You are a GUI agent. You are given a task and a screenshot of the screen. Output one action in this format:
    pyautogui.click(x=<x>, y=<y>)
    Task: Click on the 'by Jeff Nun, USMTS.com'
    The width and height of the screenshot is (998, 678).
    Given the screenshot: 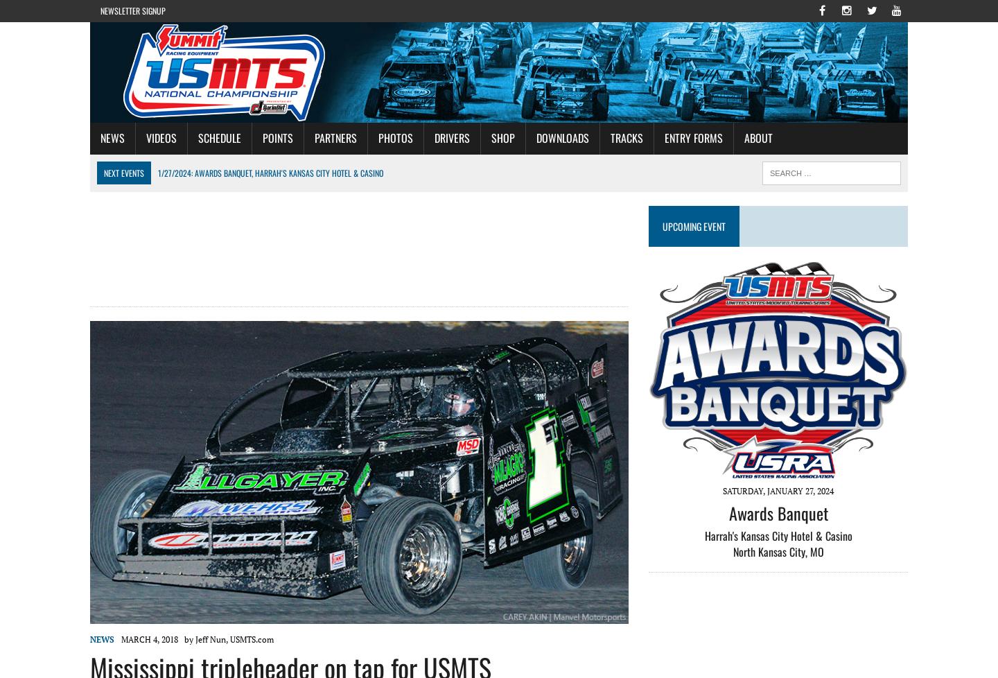 What is the action you would take?
    pyautogui.click(x=183, y=638)
    